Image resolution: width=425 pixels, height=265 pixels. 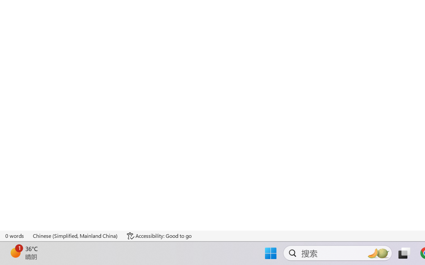 What do you see at coordinates (75, 236) in the screenshot?
I see `'Language Chinese (Simplified, Mainland China)'` at bounding box center [75, 236].